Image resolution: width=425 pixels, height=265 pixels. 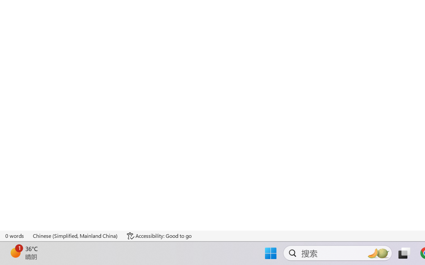 What do you see at coordinates (75, 236) in the screenshot?
I see `'Language Chinese (Simplified, Mainland China)'` at bounding box center [75, 236].